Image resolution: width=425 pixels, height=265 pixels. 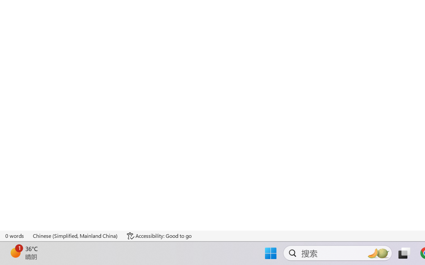 What do you see at coordinates (75, 236) in the screenshot?
I see `'Language Chinese (Simplified, Mainland China)'` at bounding box center [75, 236].